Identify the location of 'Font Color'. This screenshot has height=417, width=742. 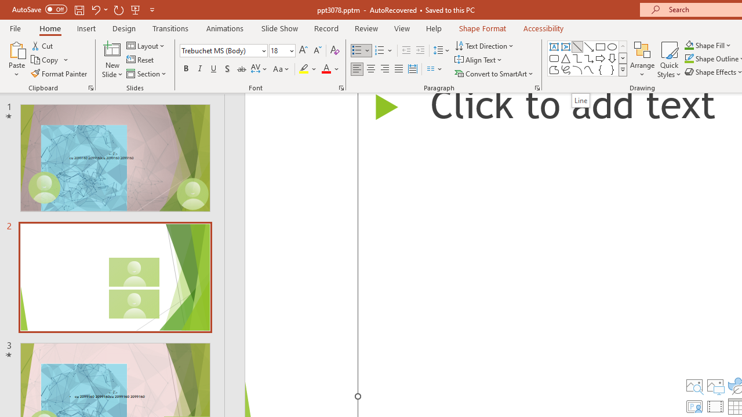
(330, 69).